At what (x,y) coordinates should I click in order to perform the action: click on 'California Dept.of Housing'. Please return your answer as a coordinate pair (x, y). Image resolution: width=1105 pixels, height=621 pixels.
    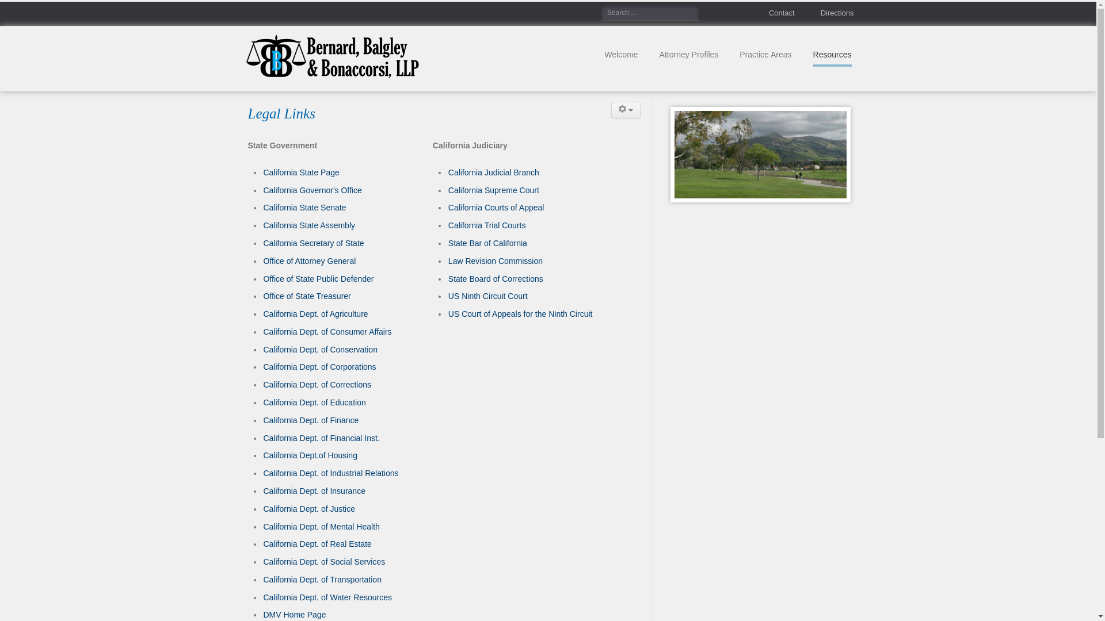
    Looking at the image, I should click on (262, 454).